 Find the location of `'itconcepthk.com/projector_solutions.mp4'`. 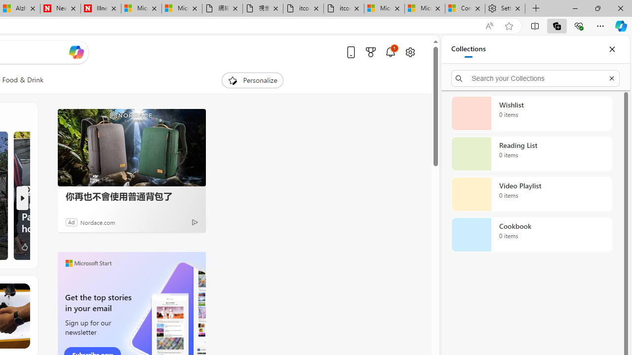

'itconcepthk.com/projector_solutions.mp4' is located at coordinates (344, 8).